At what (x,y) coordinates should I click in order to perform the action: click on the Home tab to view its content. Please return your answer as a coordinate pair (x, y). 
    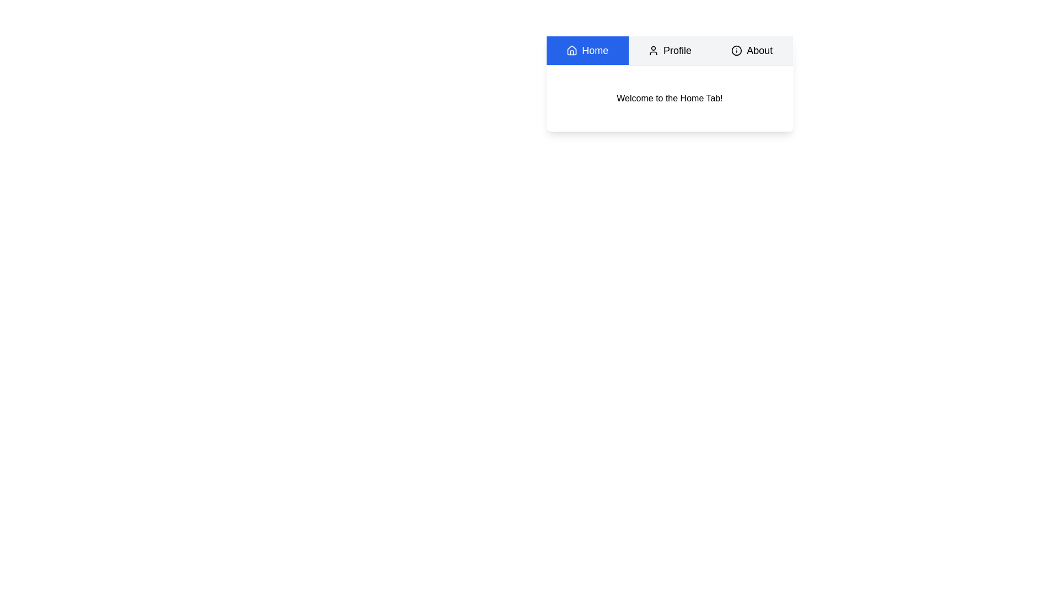
    Looking at the image, I should click on (587, 51).